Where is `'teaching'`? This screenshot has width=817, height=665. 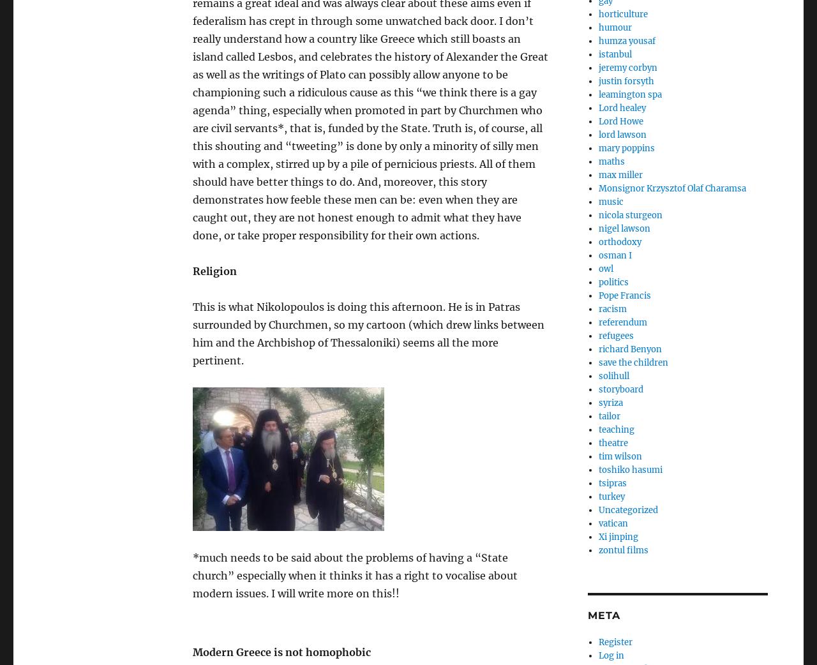 'teaching' is located at coordinates (597, 430).